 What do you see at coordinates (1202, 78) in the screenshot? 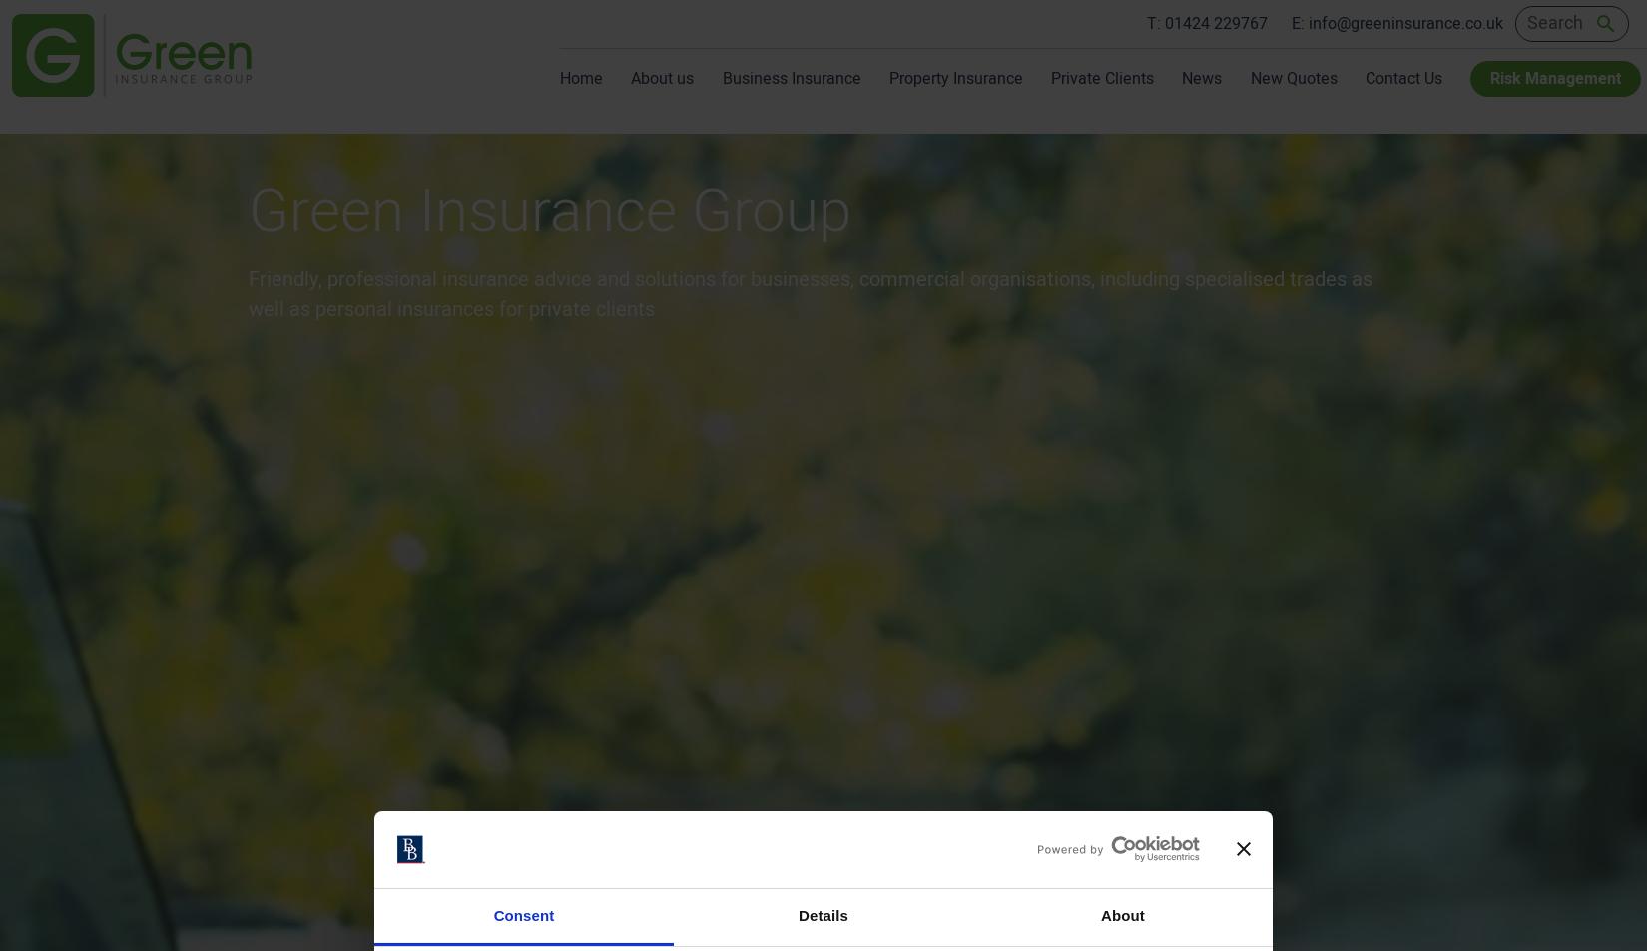
I see `'News'` at bounding box center [1202, 78].